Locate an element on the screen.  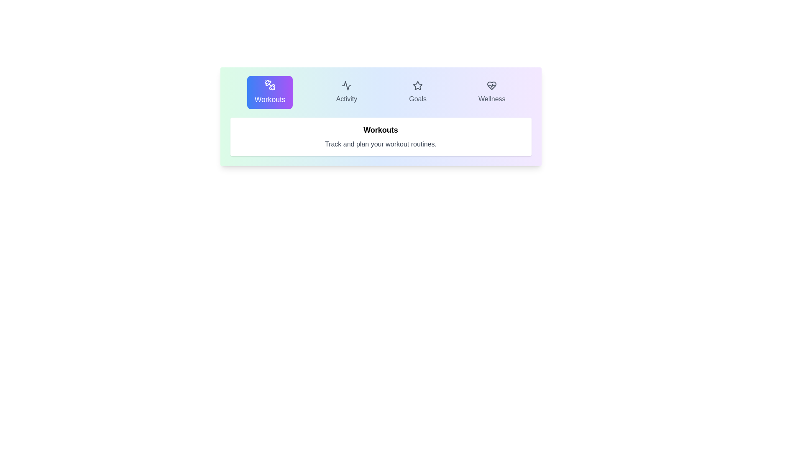
the 'Goals' text label located on the navigation bar, which is the third item between 'Activity' and 'Wellness' is located at coordinates (418, 98).